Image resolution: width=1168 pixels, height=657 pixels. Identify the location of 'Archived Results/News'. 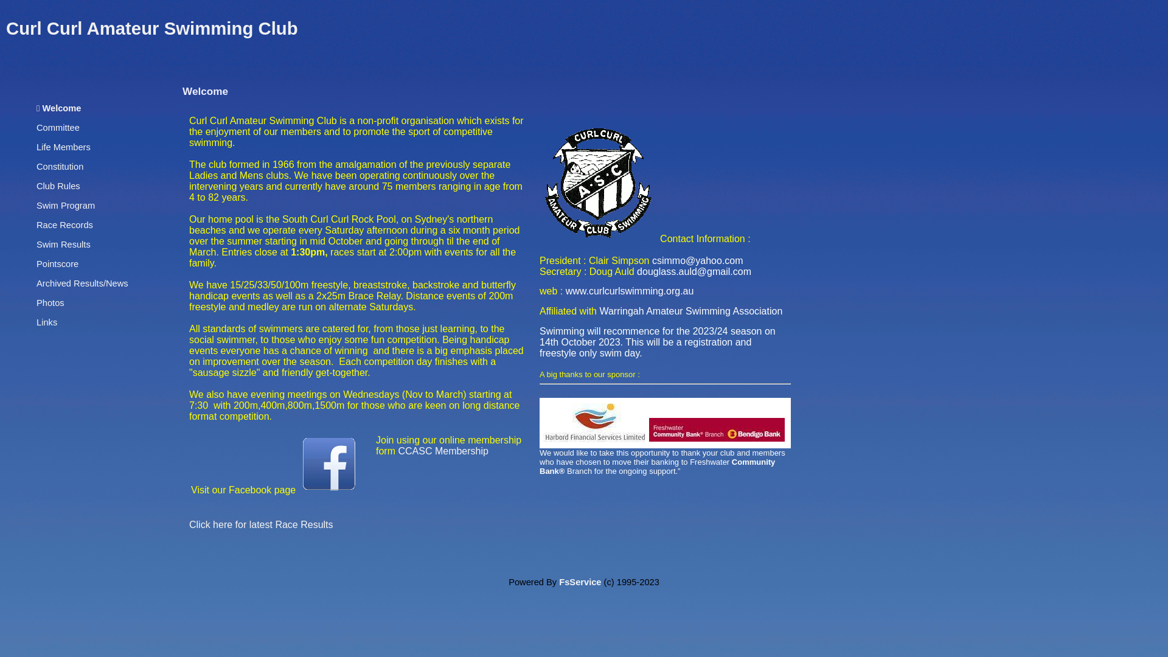
(82, 283).